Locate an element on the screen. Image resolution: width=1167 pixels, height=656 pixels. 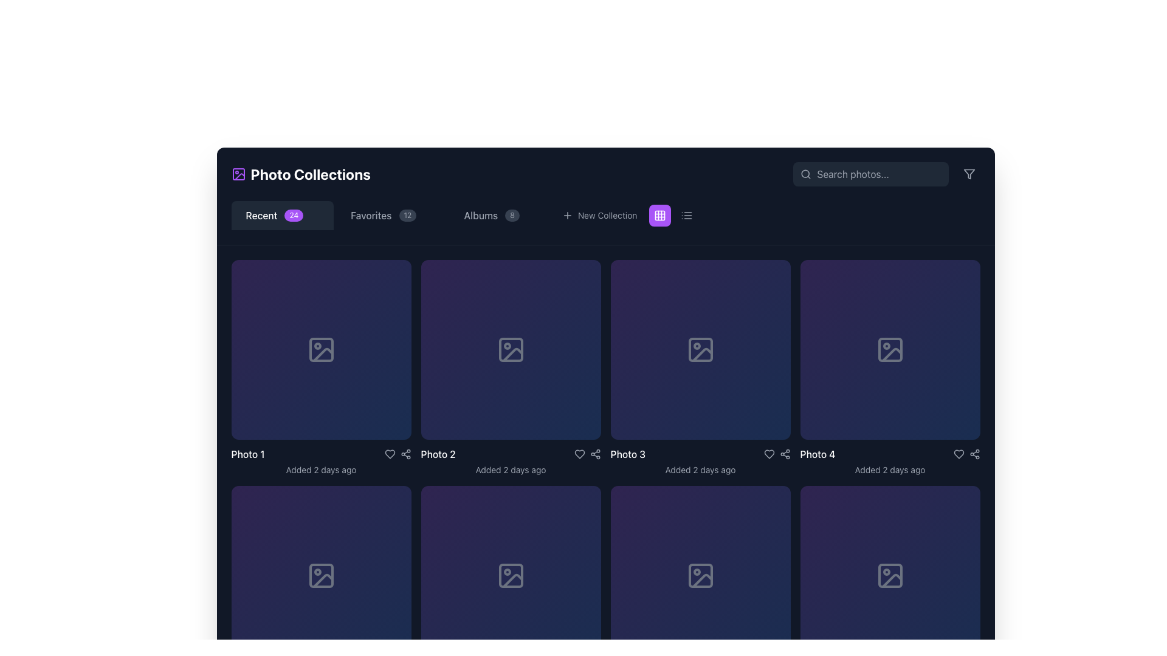
the image placeholder icon located in the fourth grid cell of the bottom row in the gallery layout is located at coordinates (890, 575).